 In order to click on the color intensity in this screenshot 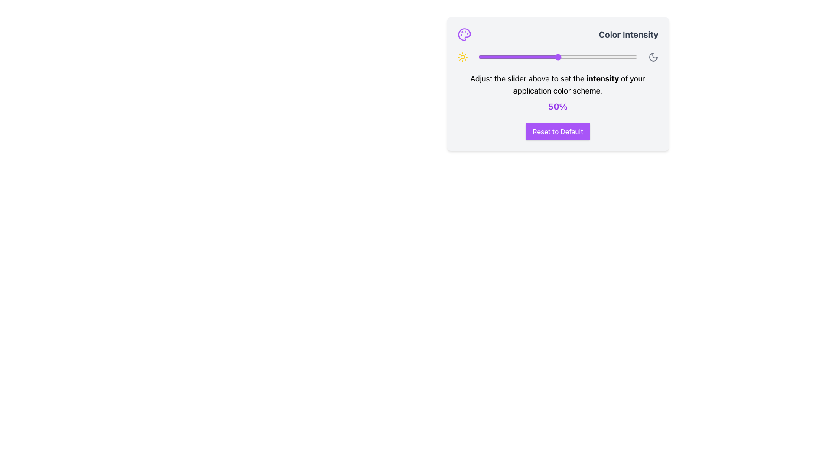, I will do `click(511, 57)`.